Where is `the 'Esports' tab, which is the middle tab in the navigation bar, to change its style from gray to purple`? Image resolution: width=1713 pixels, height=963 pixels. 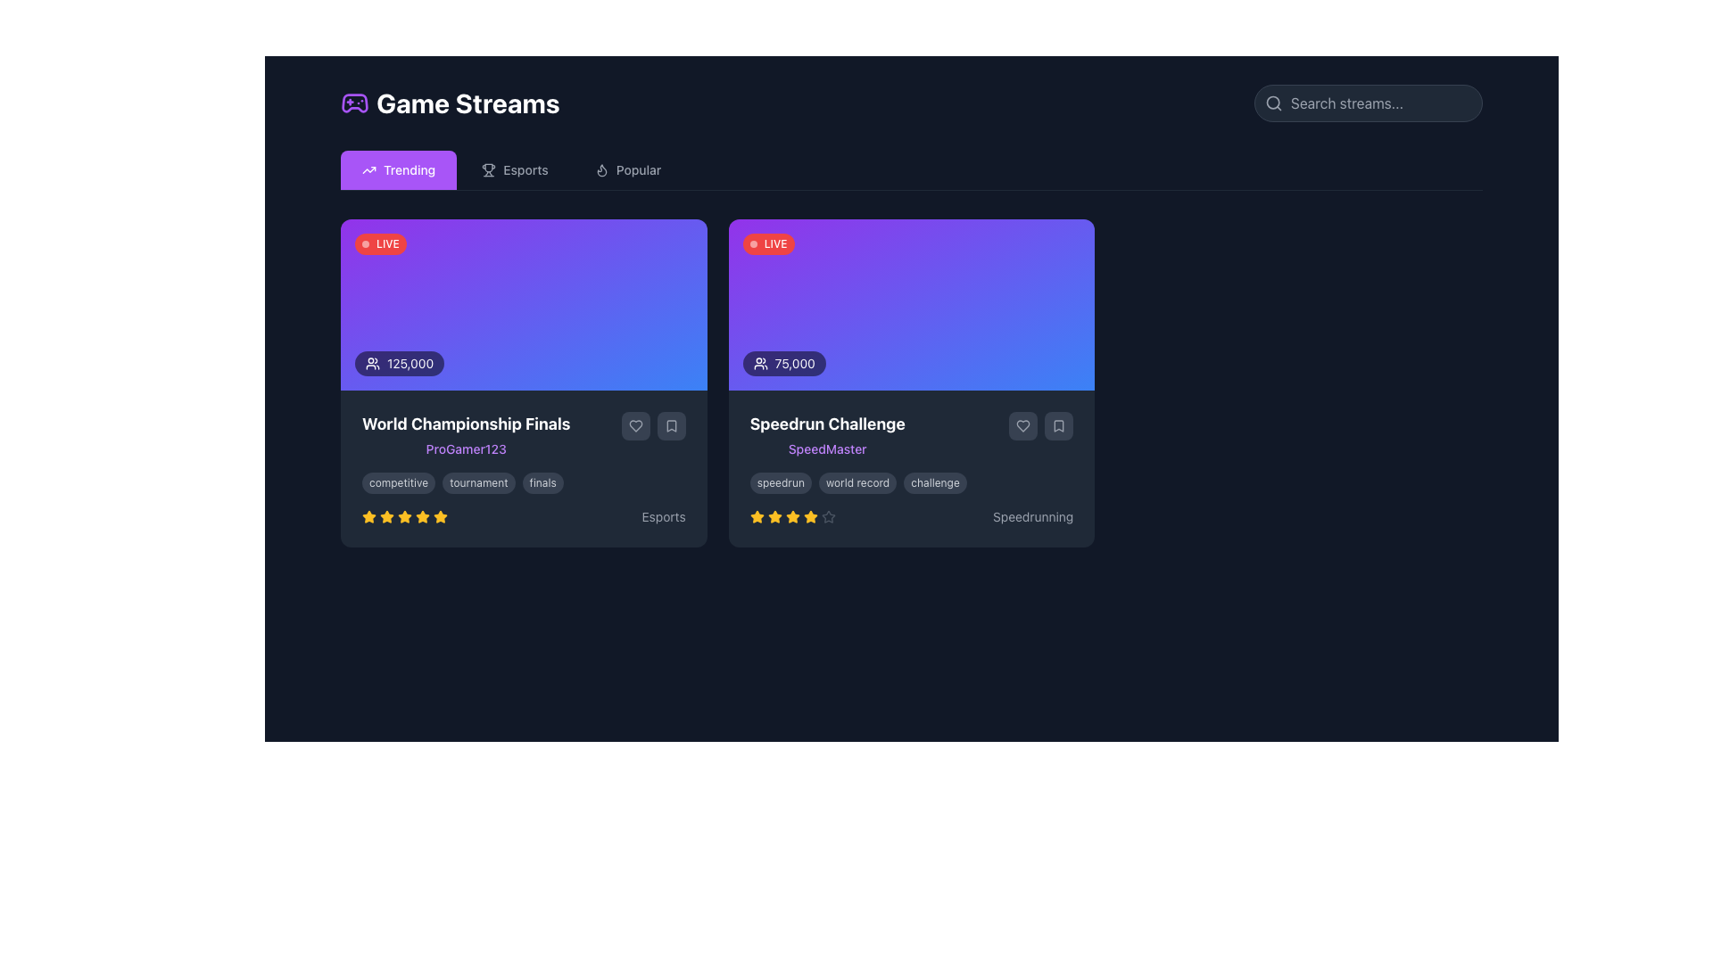
the 'Esports' tab, which is the middle tab in the navigation bar, to change its style from gray to purple is located at coordinates (514, 170).